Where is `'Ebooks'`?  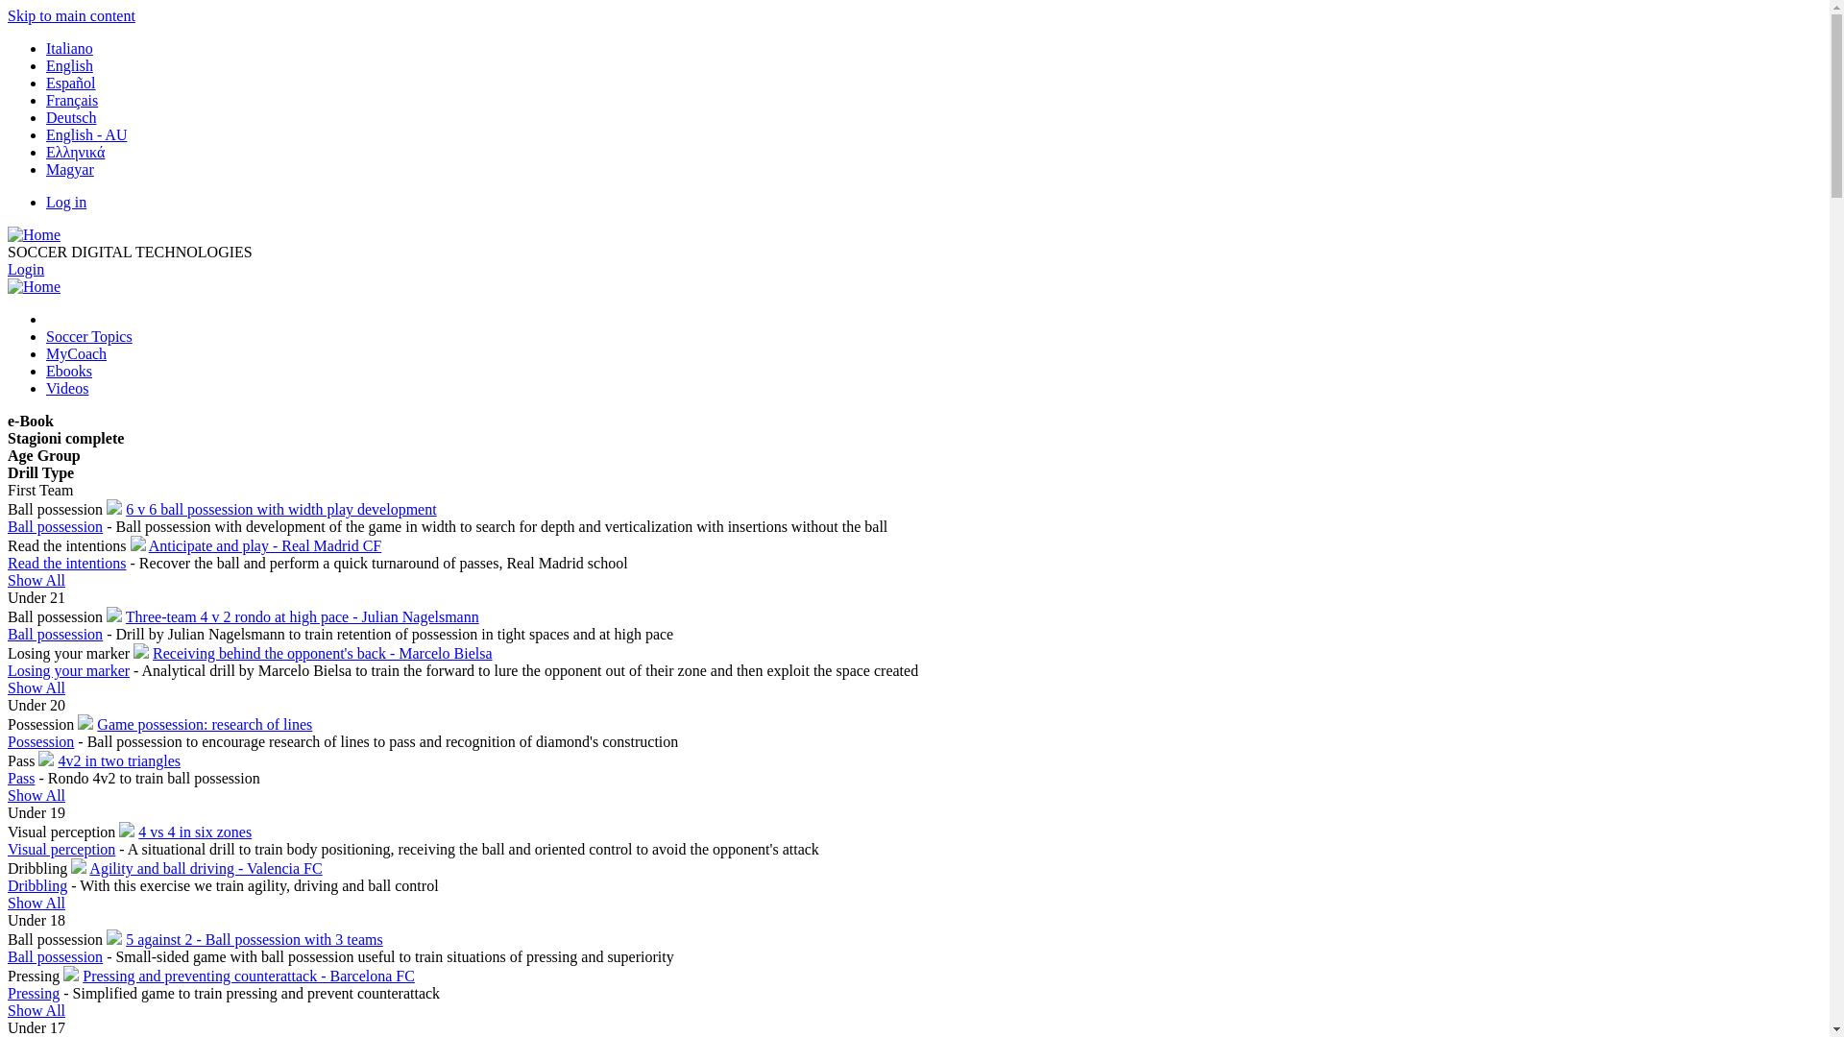
'Ebooks' is located at coordinates (69, 371).